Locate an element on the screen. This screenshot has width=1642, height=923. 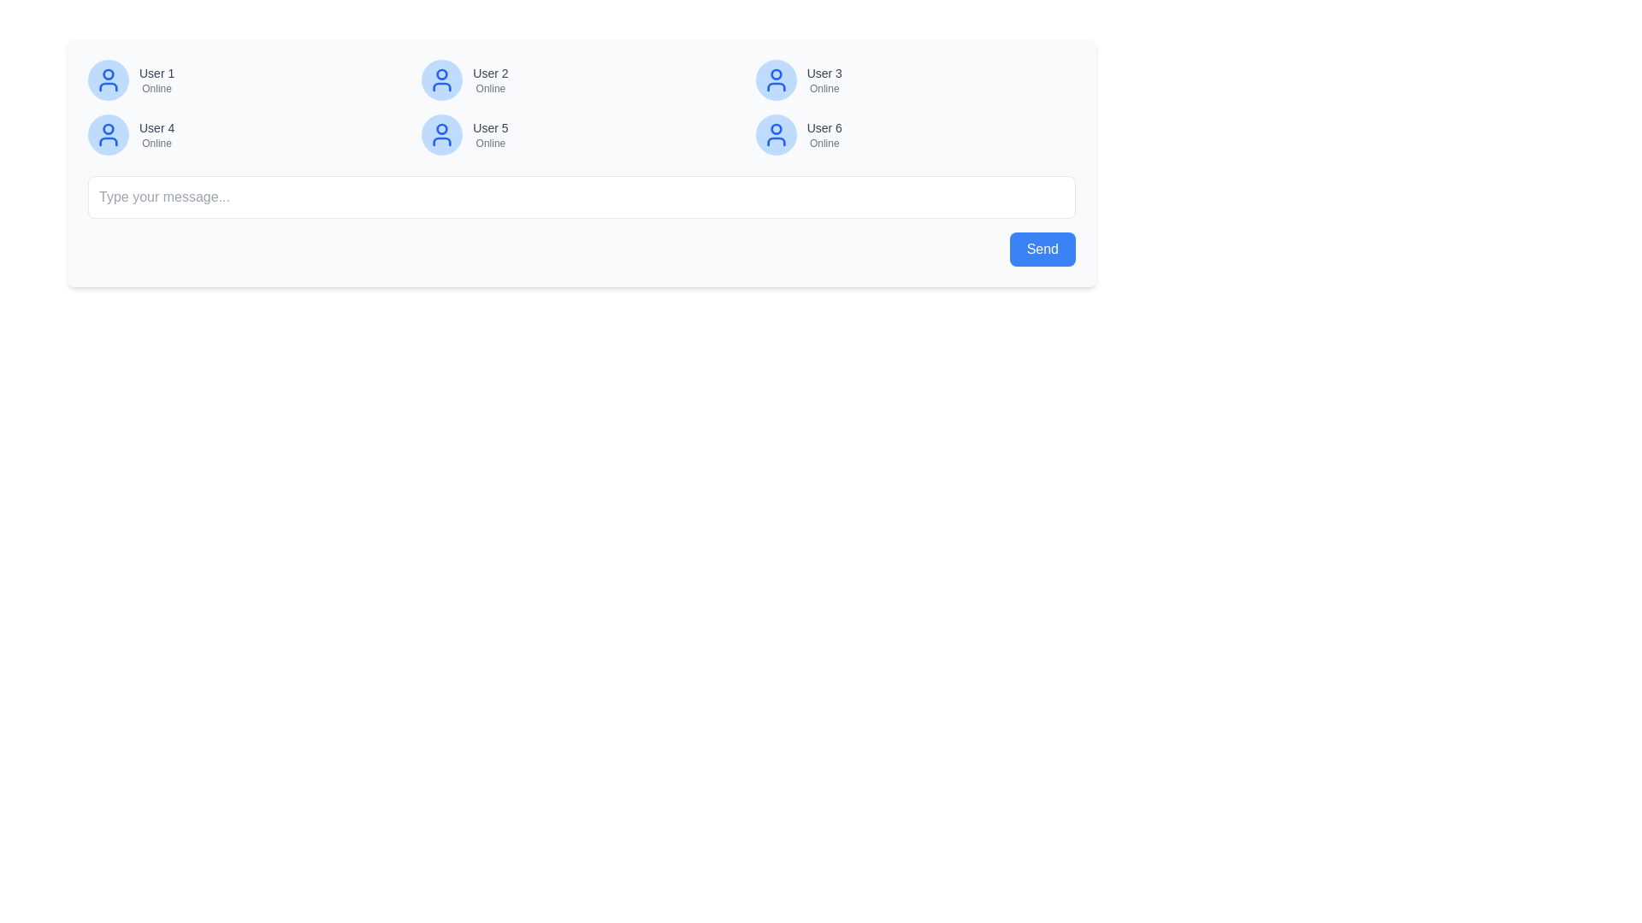
the circular user avatar icon representing 'User 4 Online', which has a light blue background and a white person icon in the center is located at coordinates (107, 134).